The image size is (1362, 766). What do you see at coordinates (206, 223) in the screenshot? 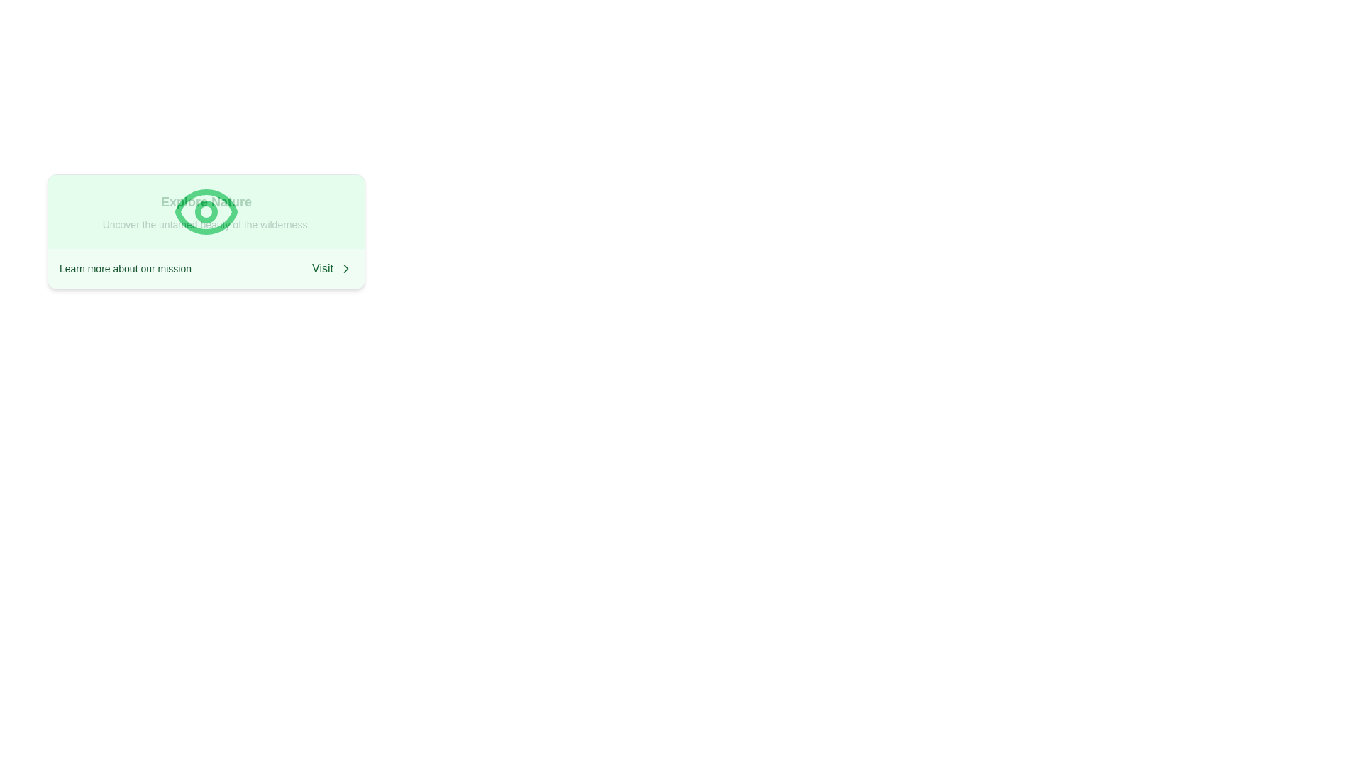
I see `the descriptive text element that provides additional information about the header 'Explore Nature'` at bounding box center [206, 223].